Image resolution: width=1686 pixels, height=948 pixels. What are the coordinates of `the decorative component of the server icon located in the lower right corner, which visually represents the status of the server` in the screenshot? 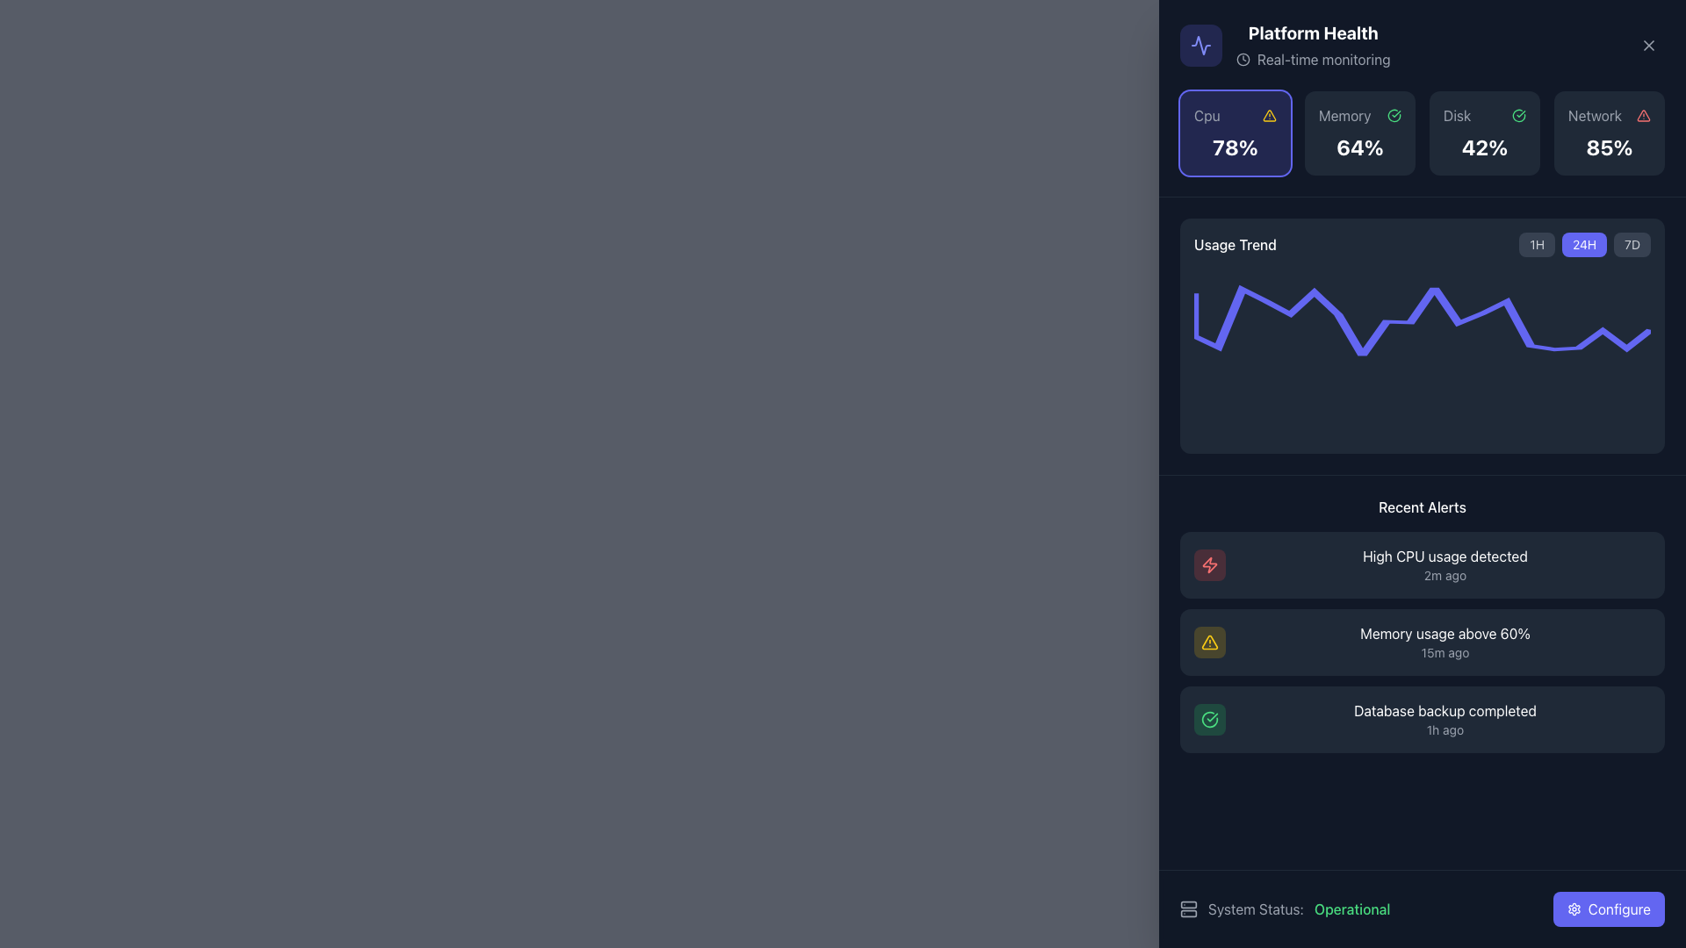 It's located at (1188, 904).